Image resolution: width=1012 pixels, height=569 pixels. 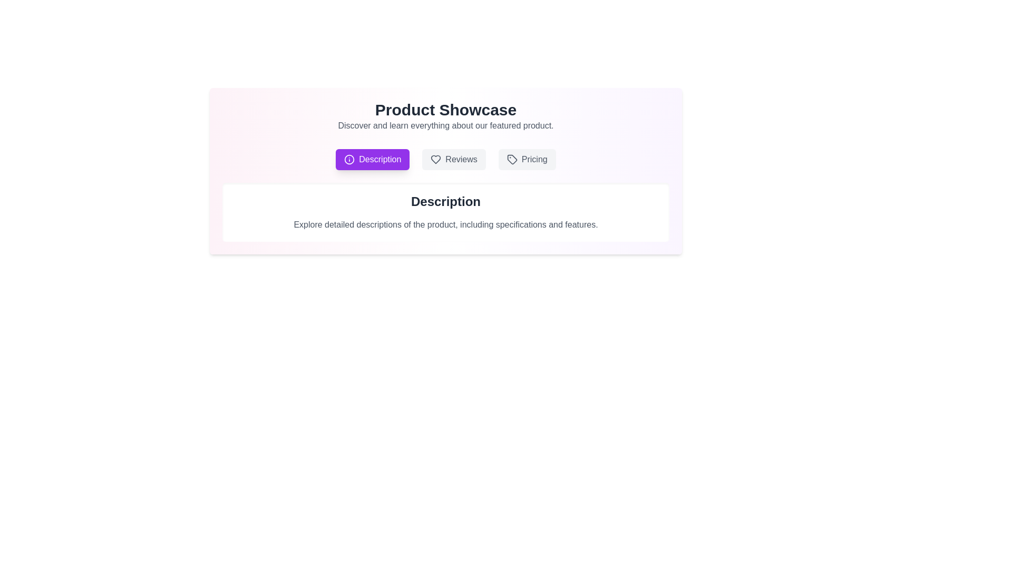 I want to click on the Pricing tab, so click(x=527, y=160).